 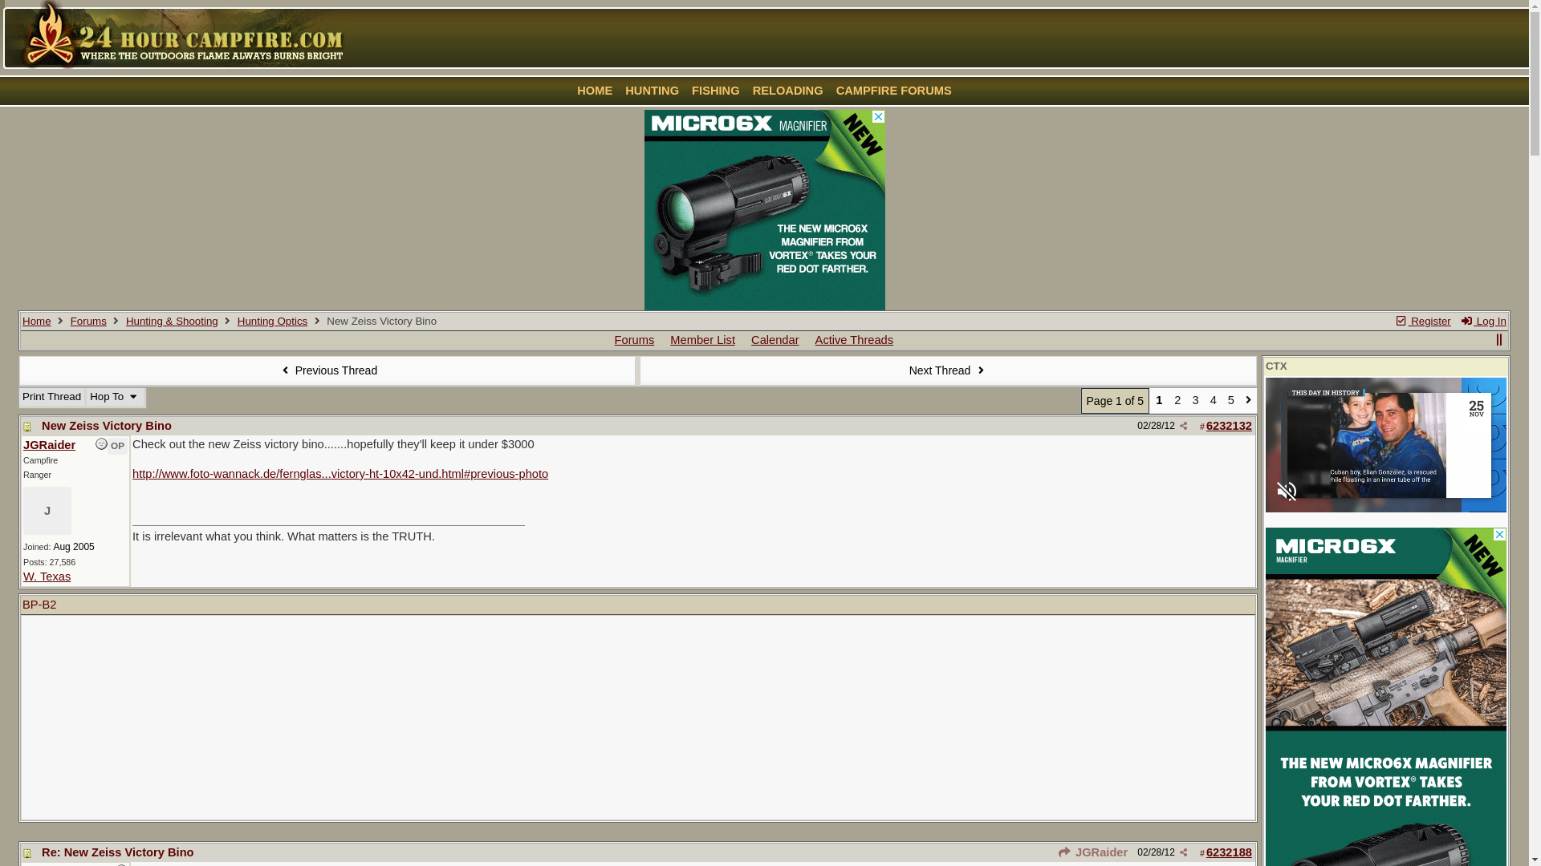 What do you see at coordinates (1183, 852) in the screenshot?
I see `'Share Post'` at bounding box center [1183, 852].